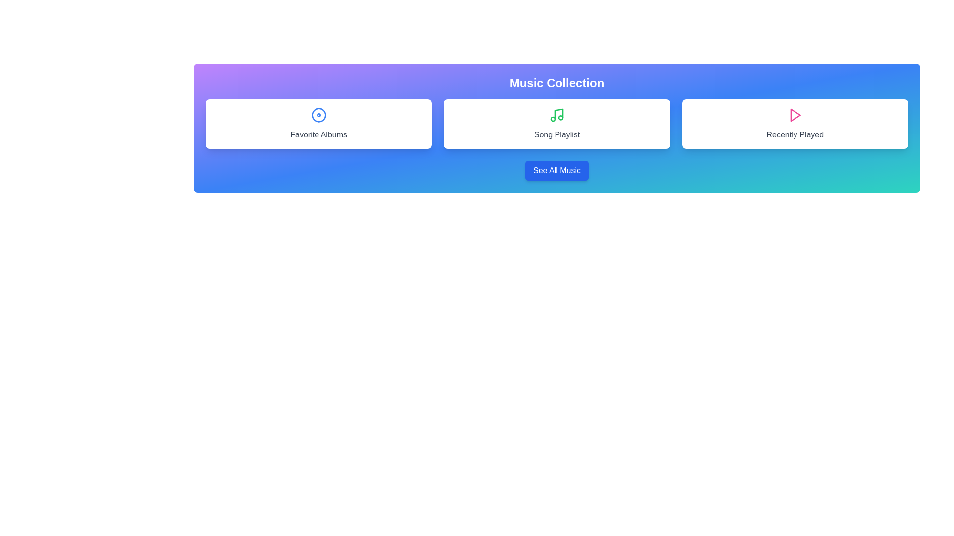  I want to click on the Interactive card for the 'Song Playlist' section, located in the center column of the layout, to trigger additional effects like highlighting, so click(556, 124).